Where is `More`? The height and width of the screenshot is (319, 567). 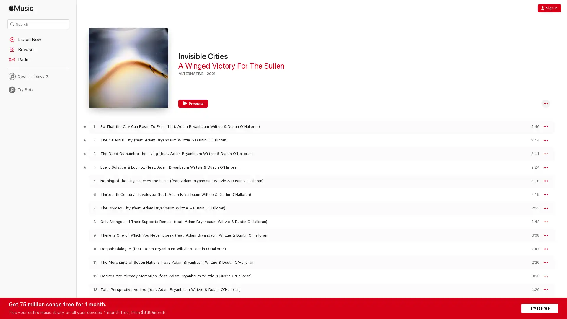
More is located at coordinates (545, 195).